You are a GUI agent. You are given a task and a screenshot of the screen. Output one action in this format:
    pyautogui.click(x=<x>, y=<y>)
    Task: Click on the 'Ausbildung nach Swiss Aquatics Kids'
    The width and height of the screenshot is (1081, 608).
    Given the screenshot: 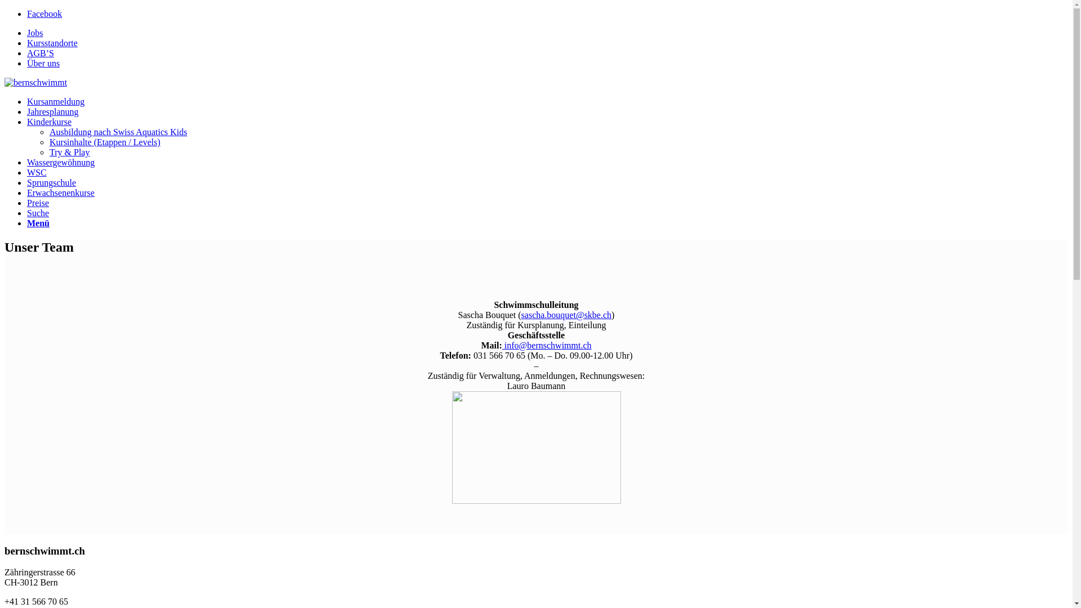 What is the action you would take?
    pyautogui.click(x=118, y=131)
    